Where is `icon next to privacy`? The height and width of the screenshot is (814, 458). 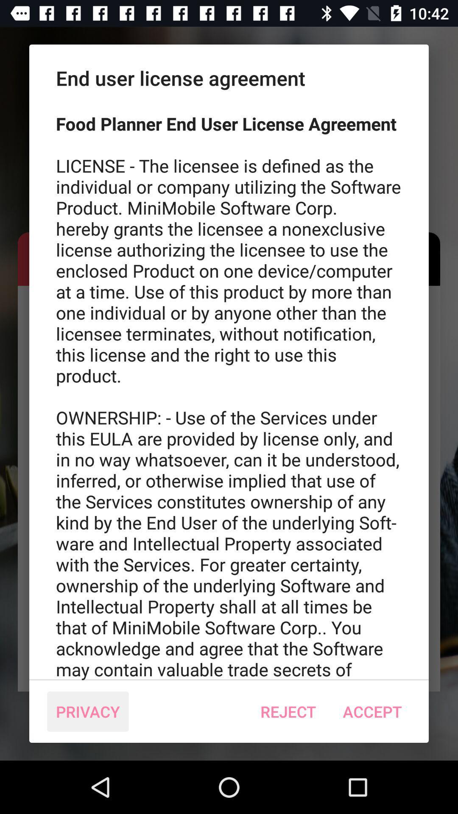 icon next to privacy is located at coordinates (288, 711).